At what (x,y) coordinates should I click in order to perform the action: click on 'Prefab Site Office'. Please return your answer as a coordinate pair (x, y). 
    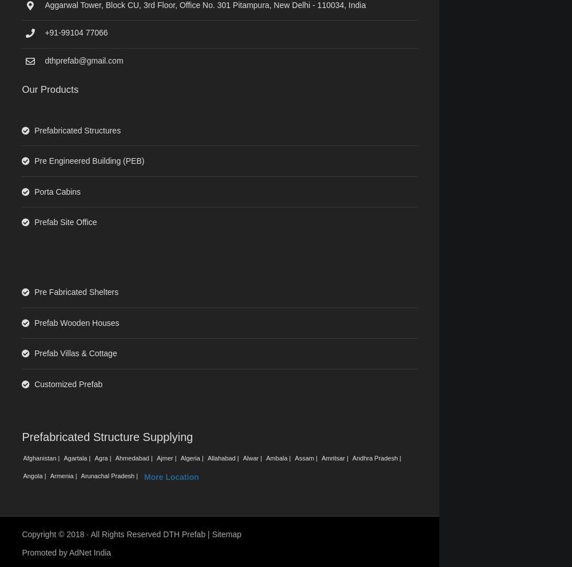
    Looking at the image, I should click on (65, 222).